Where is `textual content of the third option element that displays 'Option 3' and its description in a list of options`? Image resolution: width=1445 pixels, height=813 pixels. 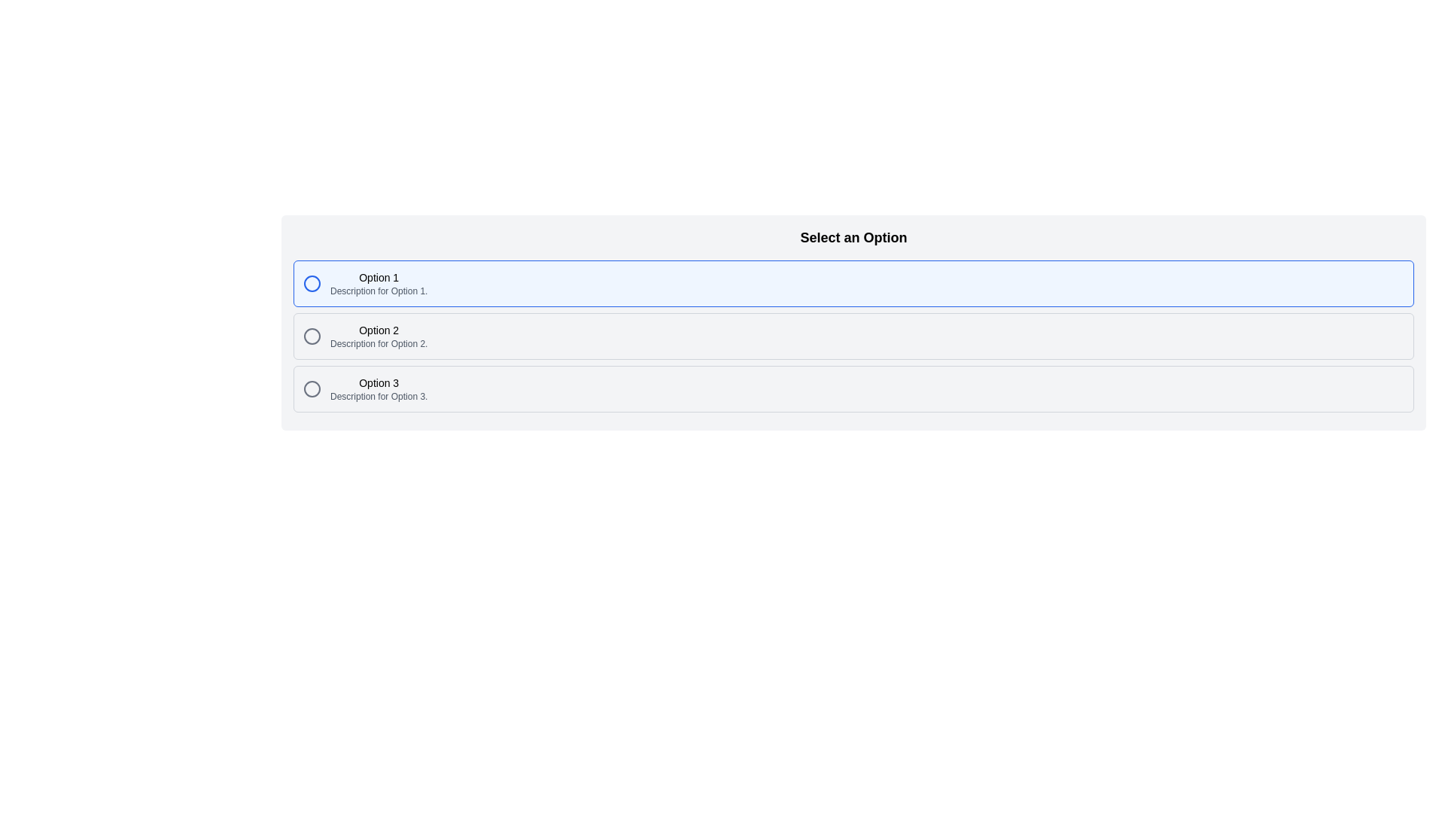 textual content of the third option element that displays 'Option 3' and its description in a list of options is located at coordinates (379, 388).